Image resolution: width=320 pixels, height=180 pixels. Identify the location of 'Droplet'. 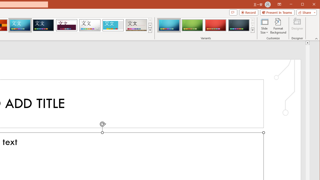
(90, 25).